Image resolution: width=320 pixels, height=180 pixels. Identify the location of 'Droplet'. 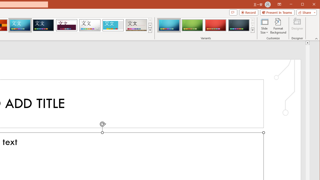
(90, 25).